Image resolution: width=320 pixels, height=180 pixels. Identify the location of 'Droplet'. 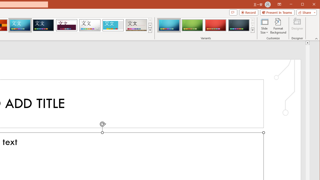
(90, 25).